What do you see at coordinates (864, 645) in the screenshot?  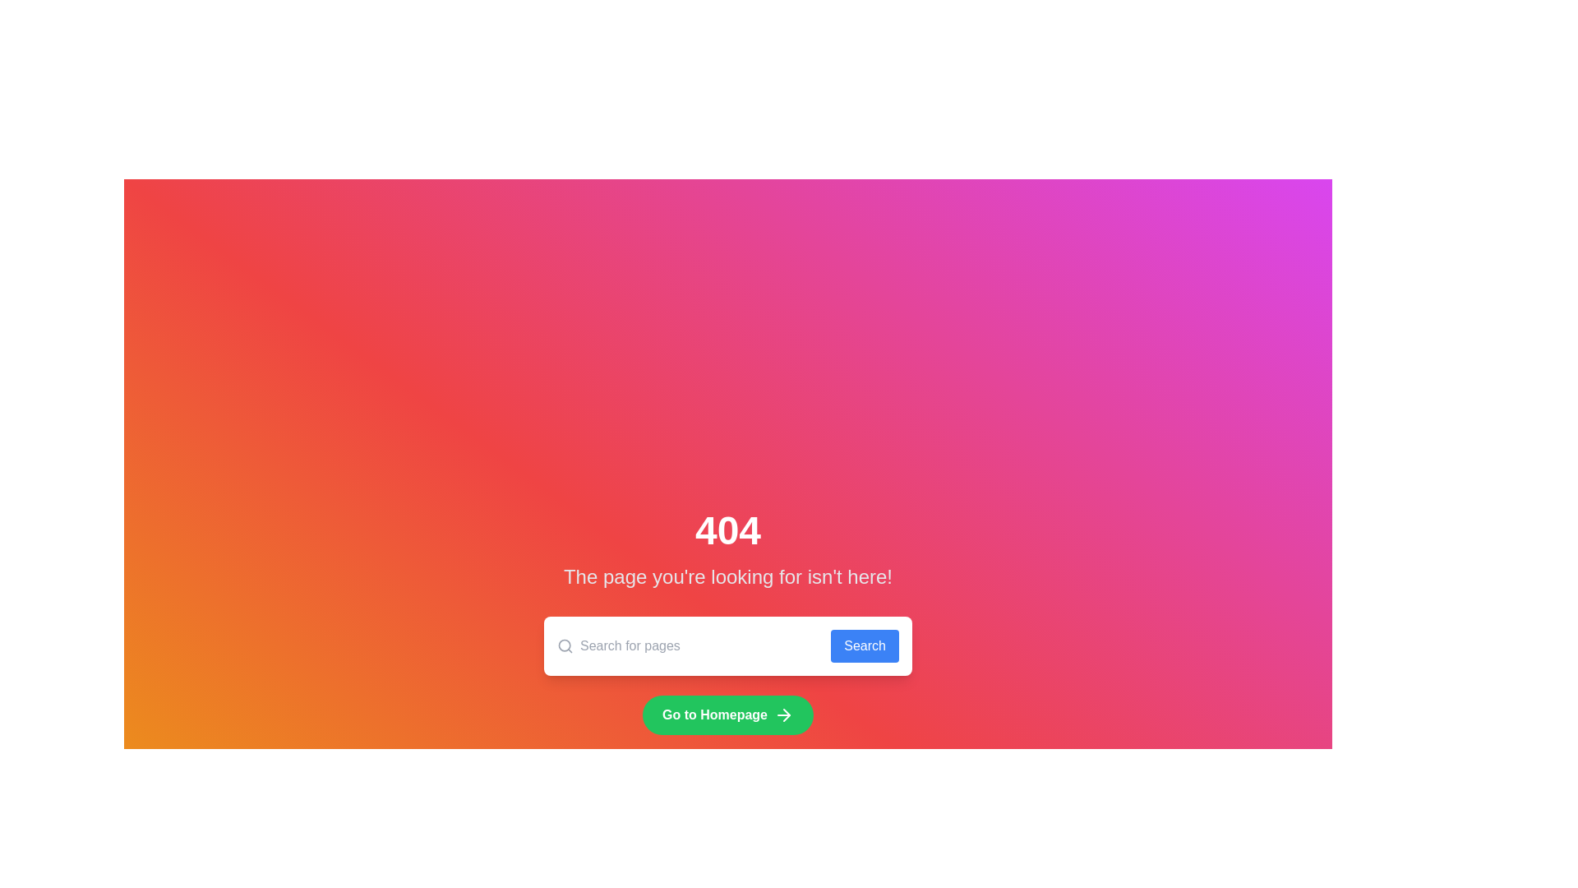 I see `the search button located at the far-right side of the search bar to observe the hover effect` at bounding box center [864, 645].